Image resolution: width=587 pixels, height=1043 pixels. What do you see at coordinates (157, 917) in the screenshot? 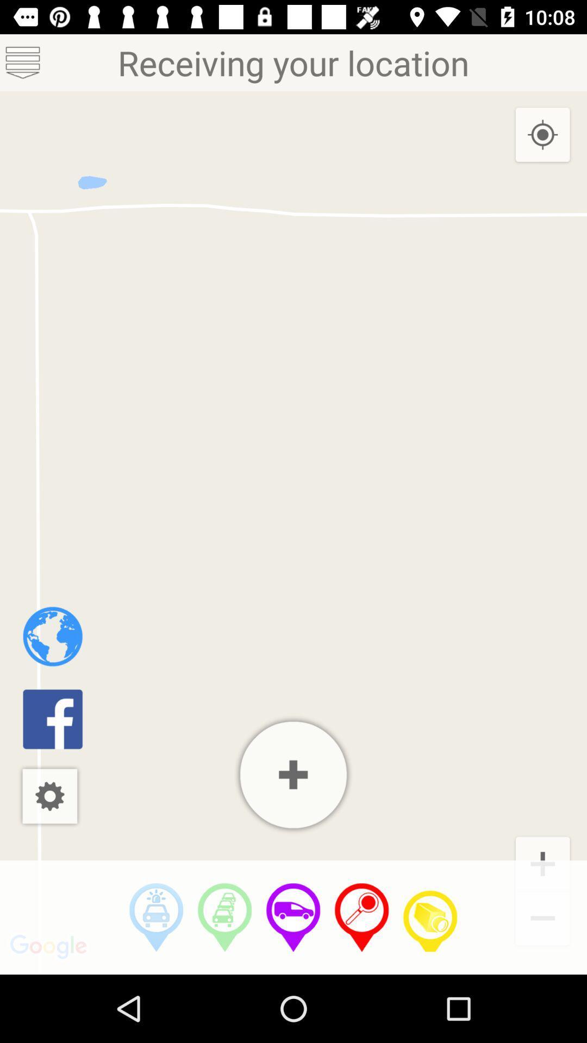
I see `services near here` at bounding box center [157, 917].